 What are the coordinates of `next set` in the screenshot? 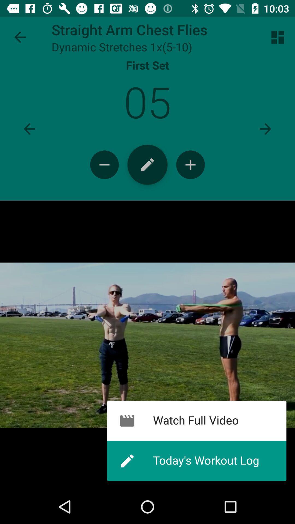 It's located at (265, 129).